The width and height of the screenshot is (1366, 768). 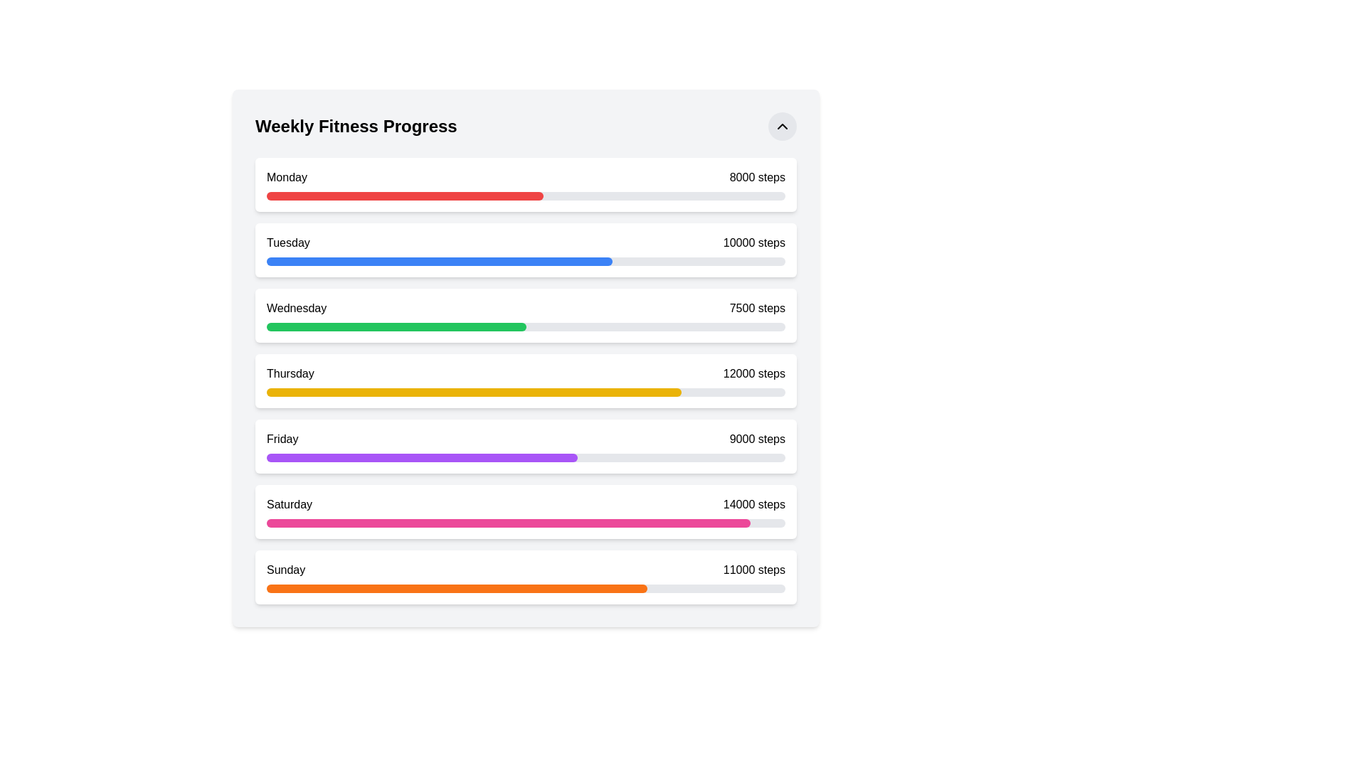 I want to click on the text within the text label displaying '9000 steps' located to the right of the 'Friday' label in the fitness tracker interface, so click(x=756, y=438).